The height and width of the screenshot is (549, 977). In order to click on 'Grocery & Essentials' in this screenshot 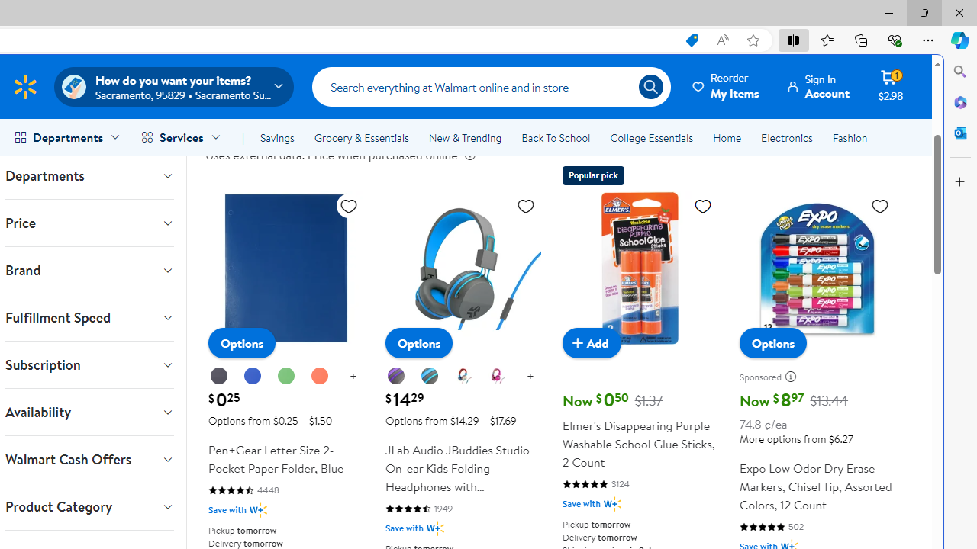, I will do `click(360, 138)`.